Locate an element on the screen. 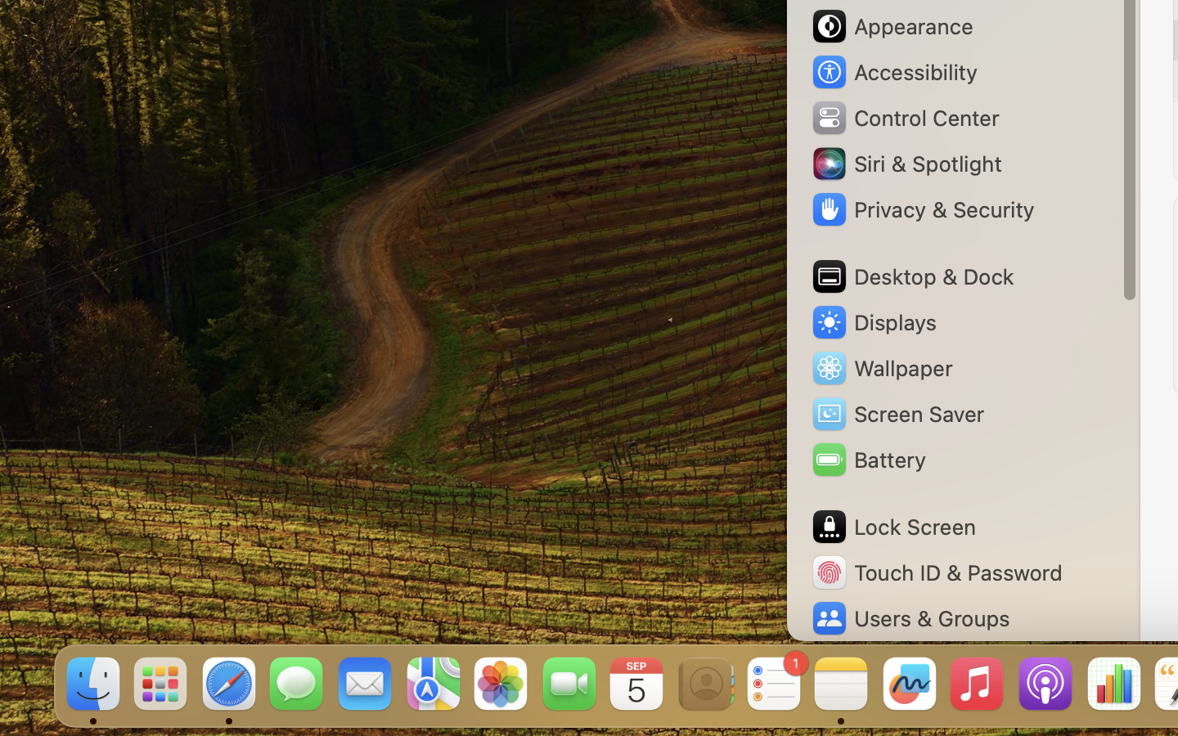 The width and height of the screenshot is (1178, 736). 'Accessibility' is located at coordinates (892, 71).